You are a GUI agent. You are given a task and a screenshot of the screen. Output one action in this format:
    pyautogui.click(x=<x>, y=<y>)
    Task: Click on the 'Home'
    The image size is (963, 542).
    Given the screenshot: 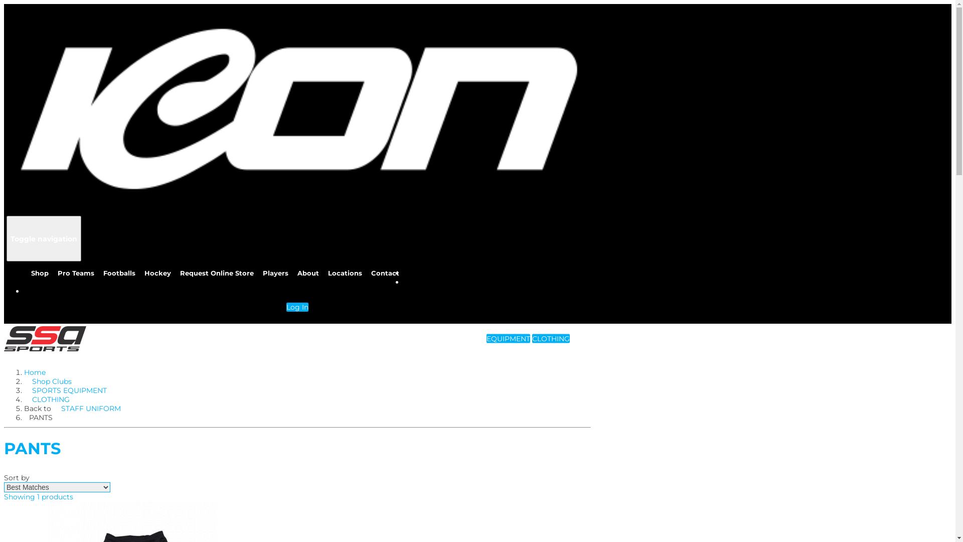 What is the action you would take?
    pyautogui.click(x=35, y=372)
    